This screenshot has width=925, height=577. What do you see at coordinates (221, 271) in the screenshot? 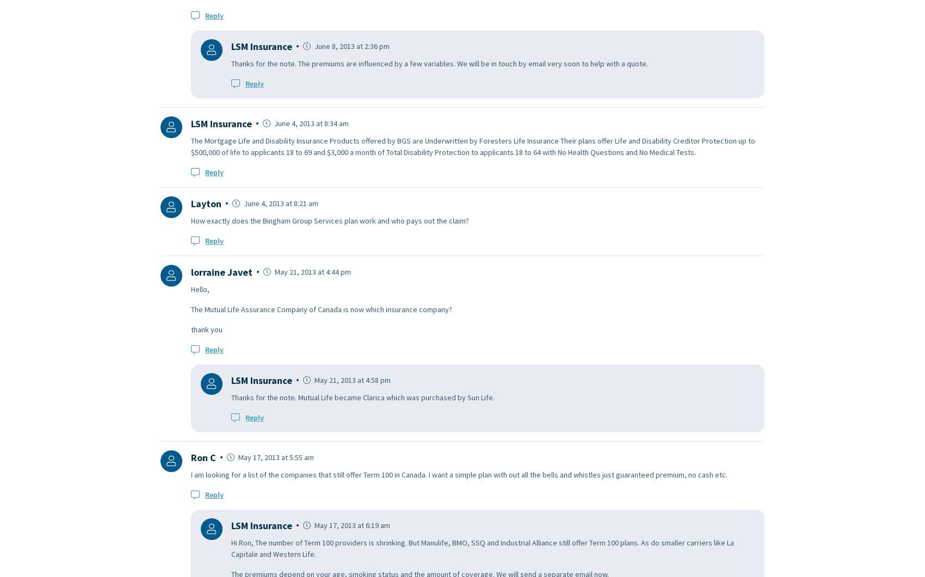
I see `'lorraine Javet'` at bounding box center [221, 271].